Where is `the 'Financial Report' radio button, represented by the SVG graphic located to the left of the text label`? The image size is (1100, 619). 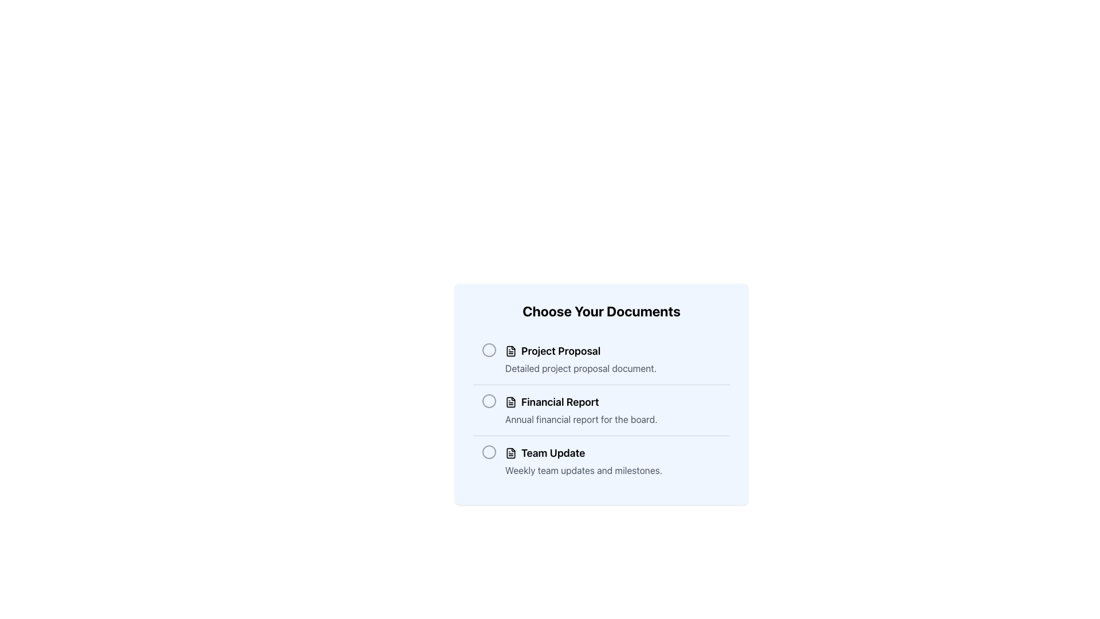
the 'Financial Report' radio button, represented by the SVG graphic located to the left of the text label is located at coordinates (510, 402).